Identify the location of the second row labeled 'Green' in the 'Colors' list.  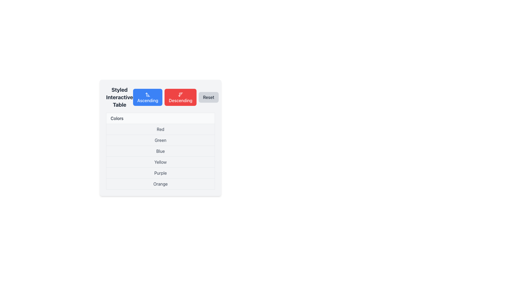
(160, 140).